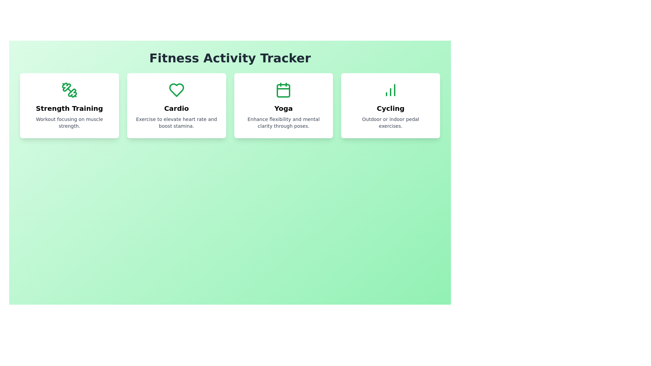  Describe the element at coordinates (283, 90) in the screenshot. I see `the Decorative Graphic Element of the calendar icon representing the 'Yoga' activity, located at the top center of the Yoga card` at that location.